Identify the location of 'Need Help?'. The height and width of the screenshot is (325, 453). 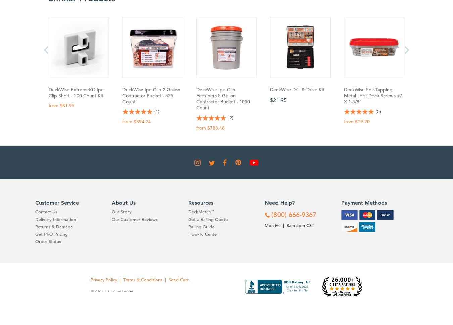
(280, 202).